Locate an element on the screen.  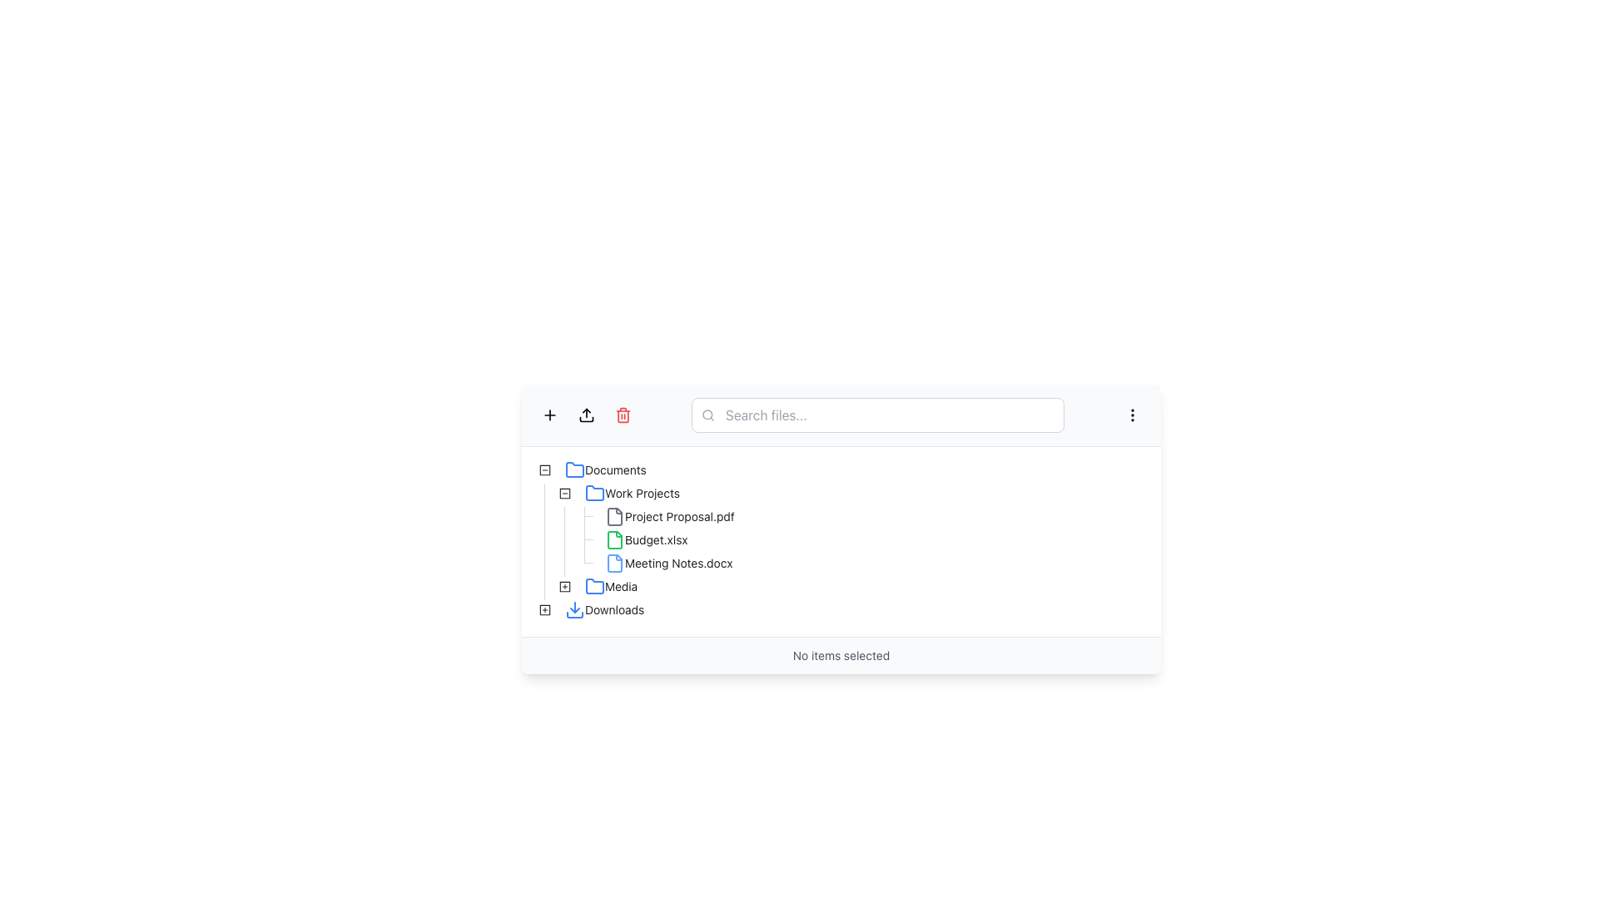
the folder icon, which is a blue outlined rectangular shape with an extended tab, located under the 'Documents' folder in the file tree interface is located at coordinates (595, 585).